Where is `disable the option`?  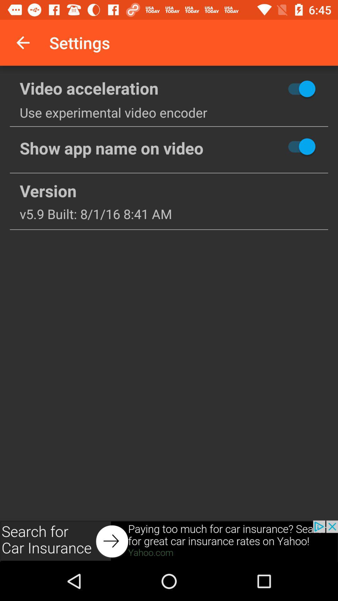
disable the option is located at coordinates (279, 146).